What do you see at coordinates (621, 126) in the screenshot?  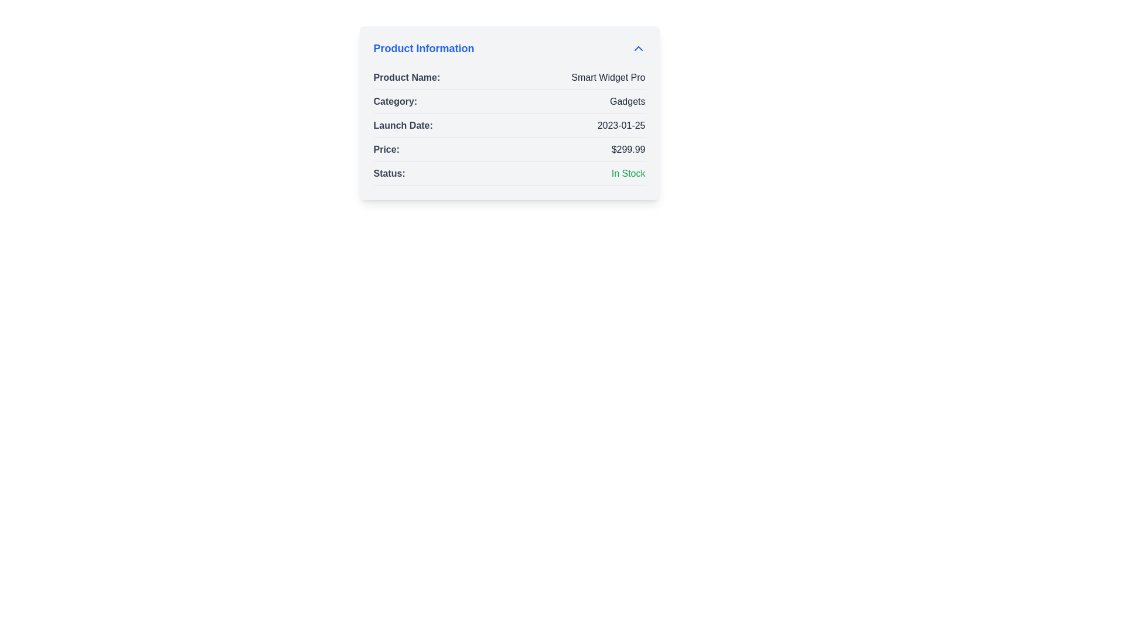 I see `the Text display element that presents the launch date, located under the label 'Launch Date:' in a tabular layout` at bounding box center [621, 126].